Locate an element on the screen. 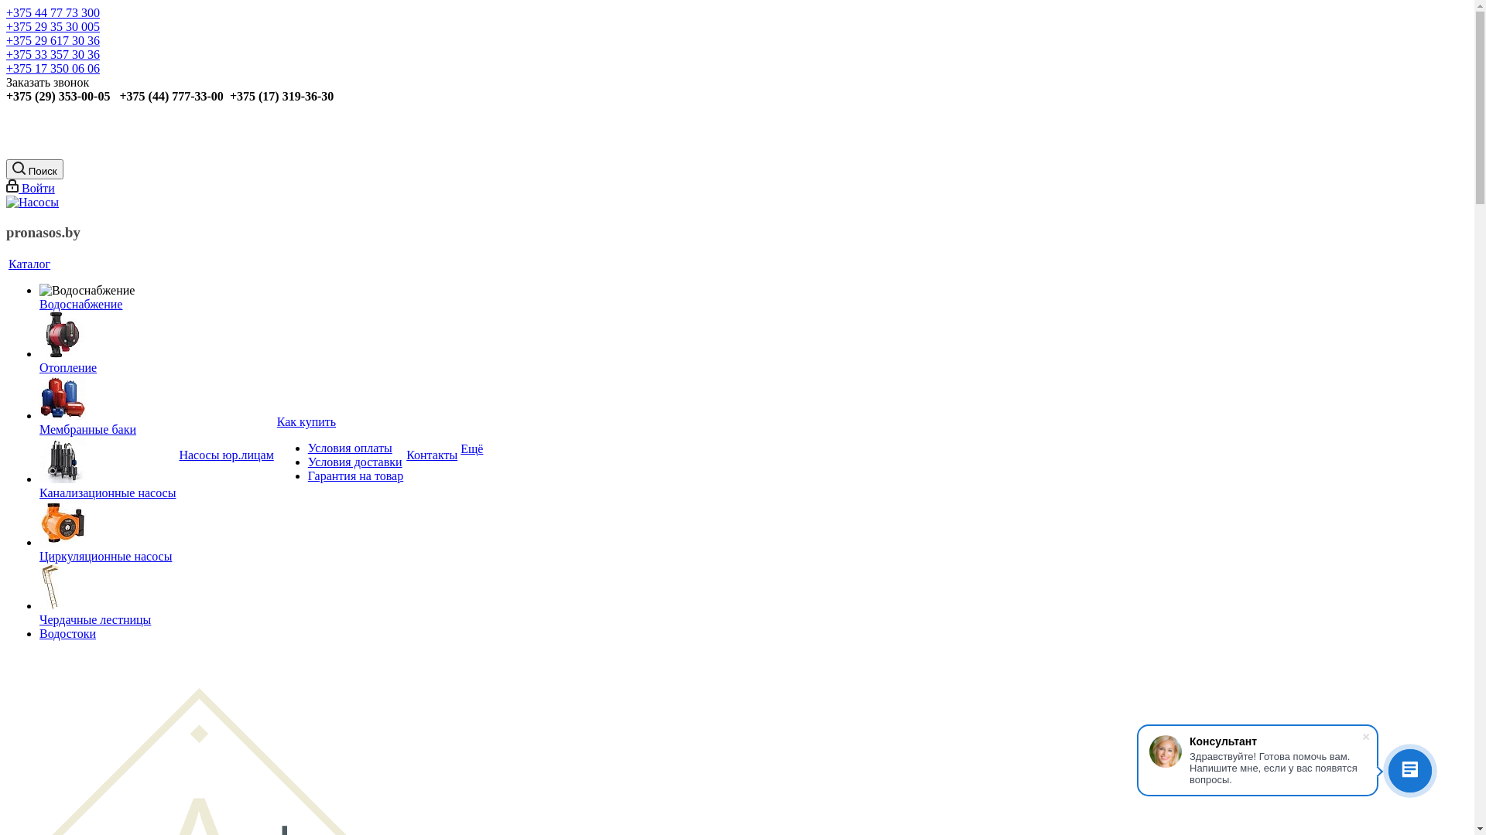  '+375 29 35 30 005' is located at coordinates (53, 26).